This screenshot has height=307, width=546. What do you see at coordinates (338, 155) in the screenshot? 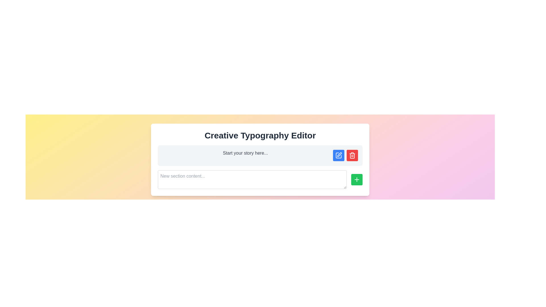
I see `the first blue editing button located on the right side of the text input area` at bounding box center [338, 155].